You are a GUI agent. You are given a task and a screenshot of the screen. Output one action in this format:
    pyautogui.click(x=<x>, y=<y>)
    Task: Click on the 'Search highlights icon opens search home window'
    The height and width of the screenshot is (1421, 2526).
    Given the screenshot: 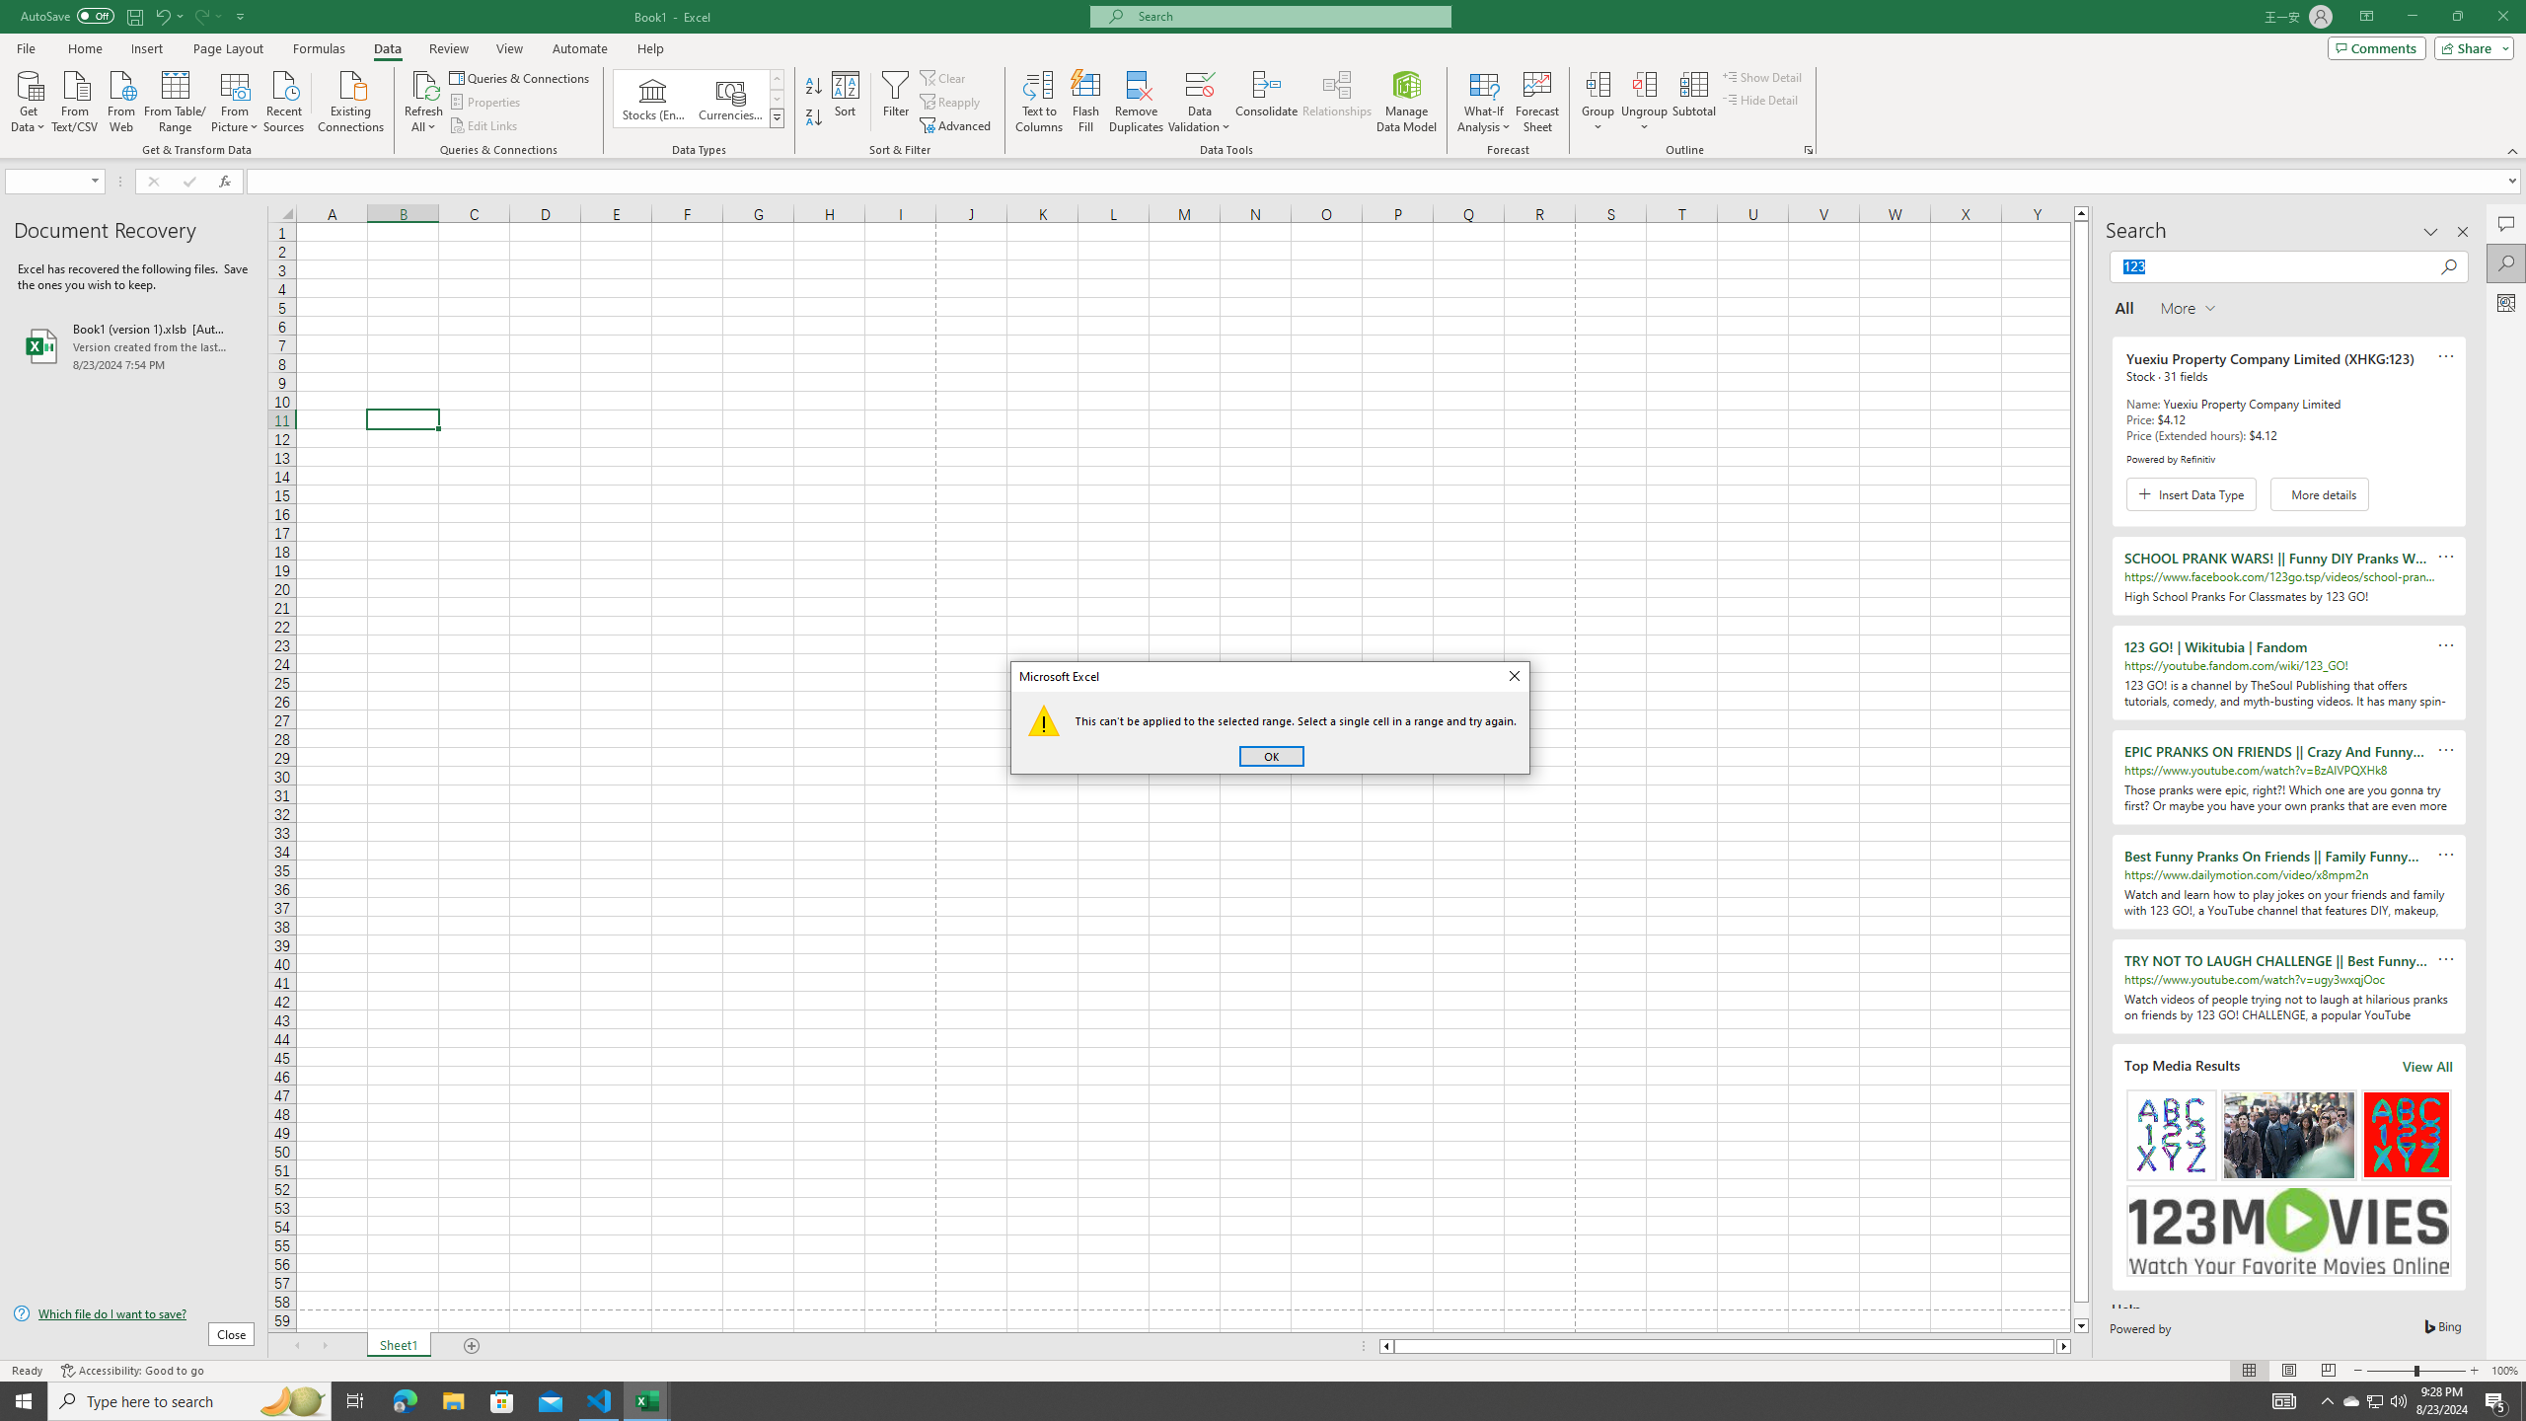 What is the action you would take?
    pyautogui.click(x=290, y=1399)
    